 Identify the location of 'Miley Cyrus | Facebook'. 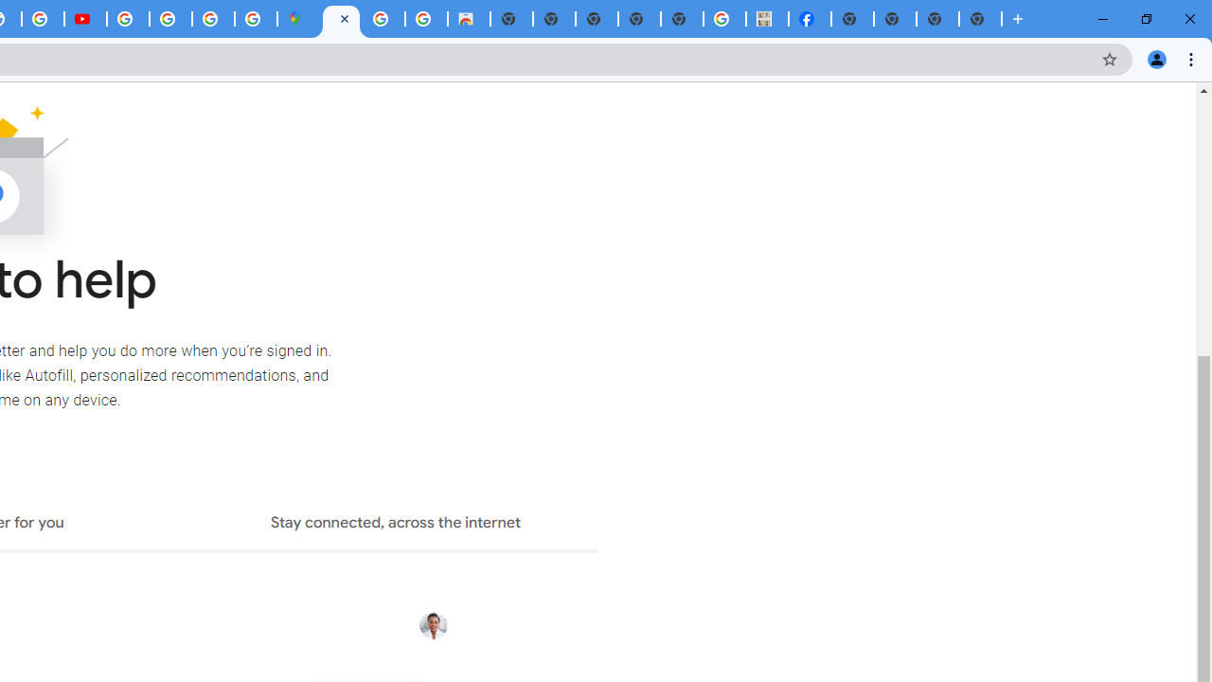
(810, 19).